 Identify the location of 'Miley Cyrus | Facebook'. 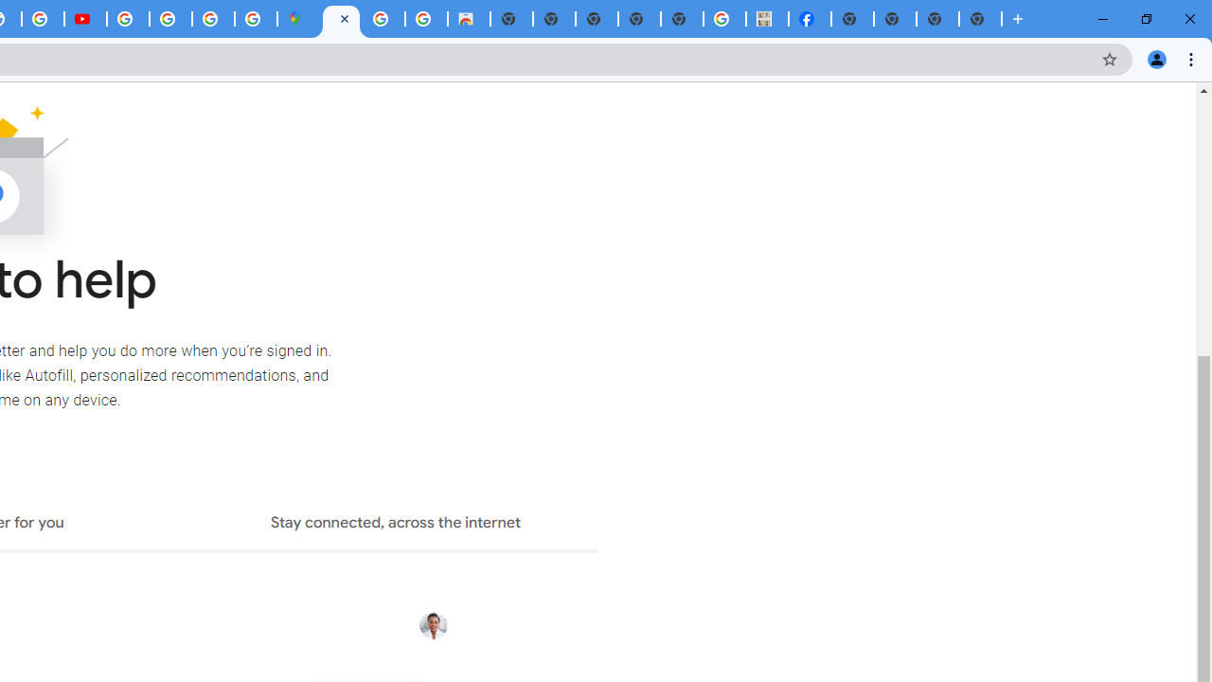
(810, 19).